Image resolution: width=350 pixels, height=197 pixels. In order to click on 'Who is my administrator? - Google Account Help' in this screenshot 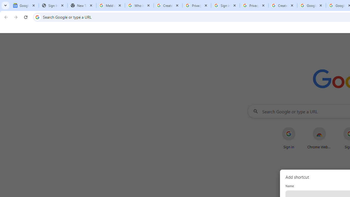, I will do `click(139, 5)`.